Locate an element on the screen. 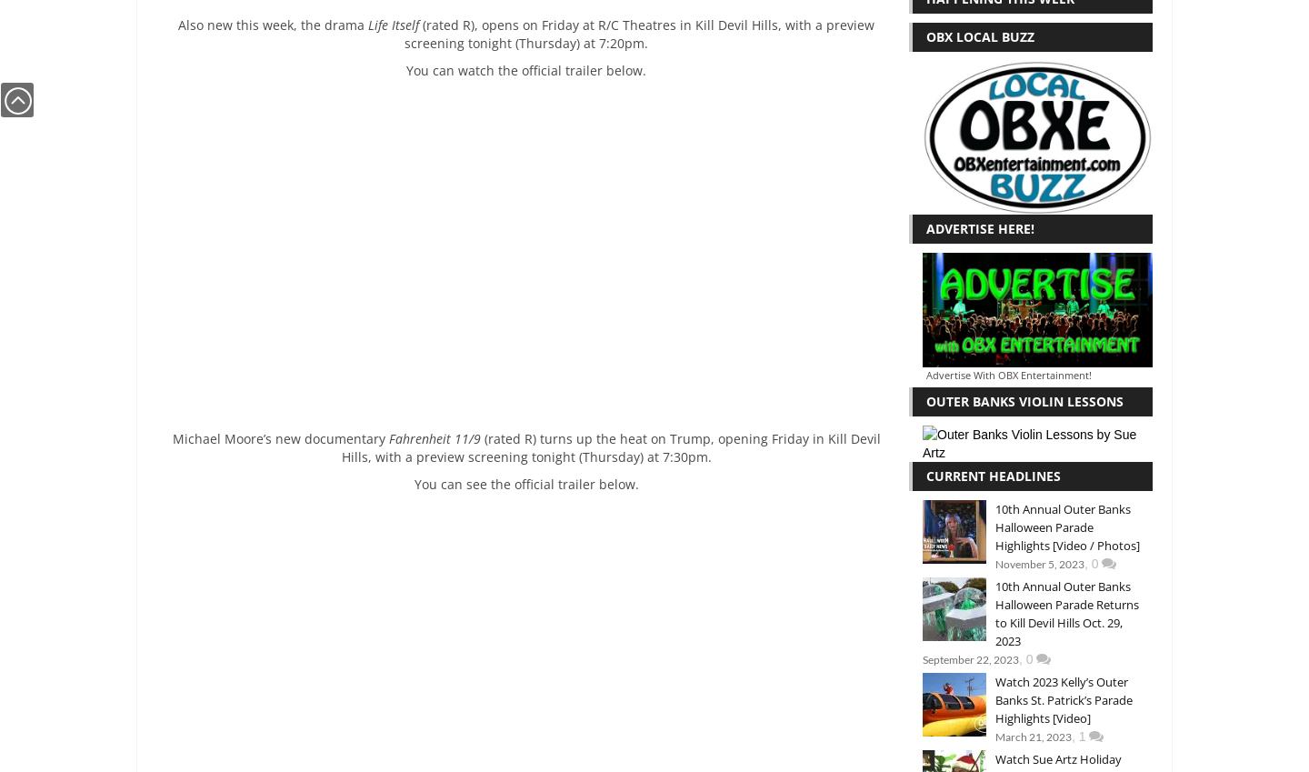 This screenshot has height=772, width=1309. '10th Annual Outer Banks Halloween Parade Highlights [Video / Photos]' is located at coordinates (1067, 526).